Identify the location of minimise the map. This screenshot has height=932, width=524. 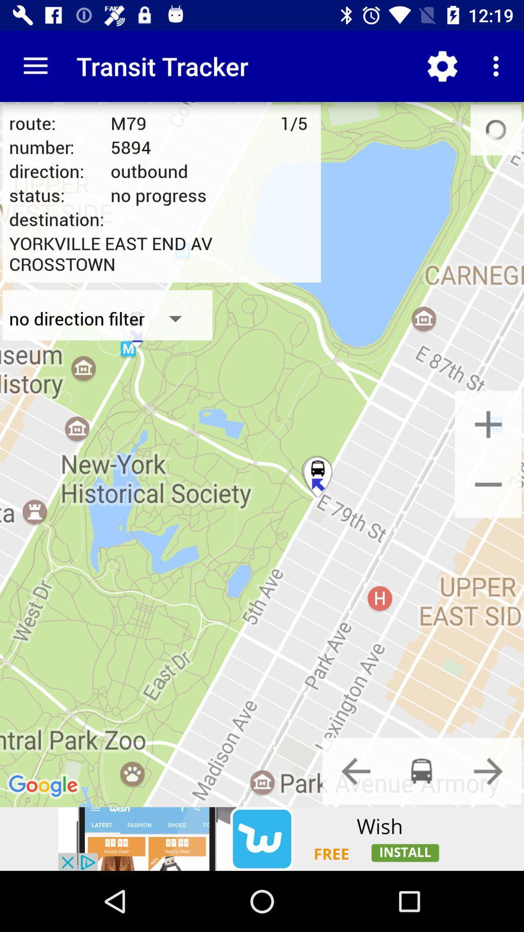
(488, 484).